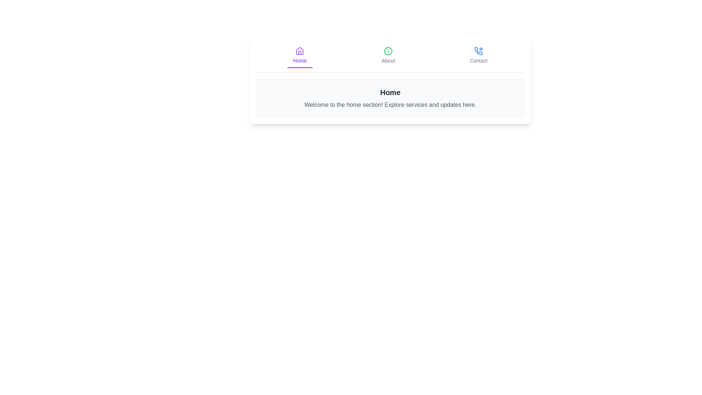 This screenshot has width=702, height=395. What do you see at coordinates (388, 56) in the screenshot?
I see `the About tab by clicking its corresponding button` at bounding box center [388, 56].